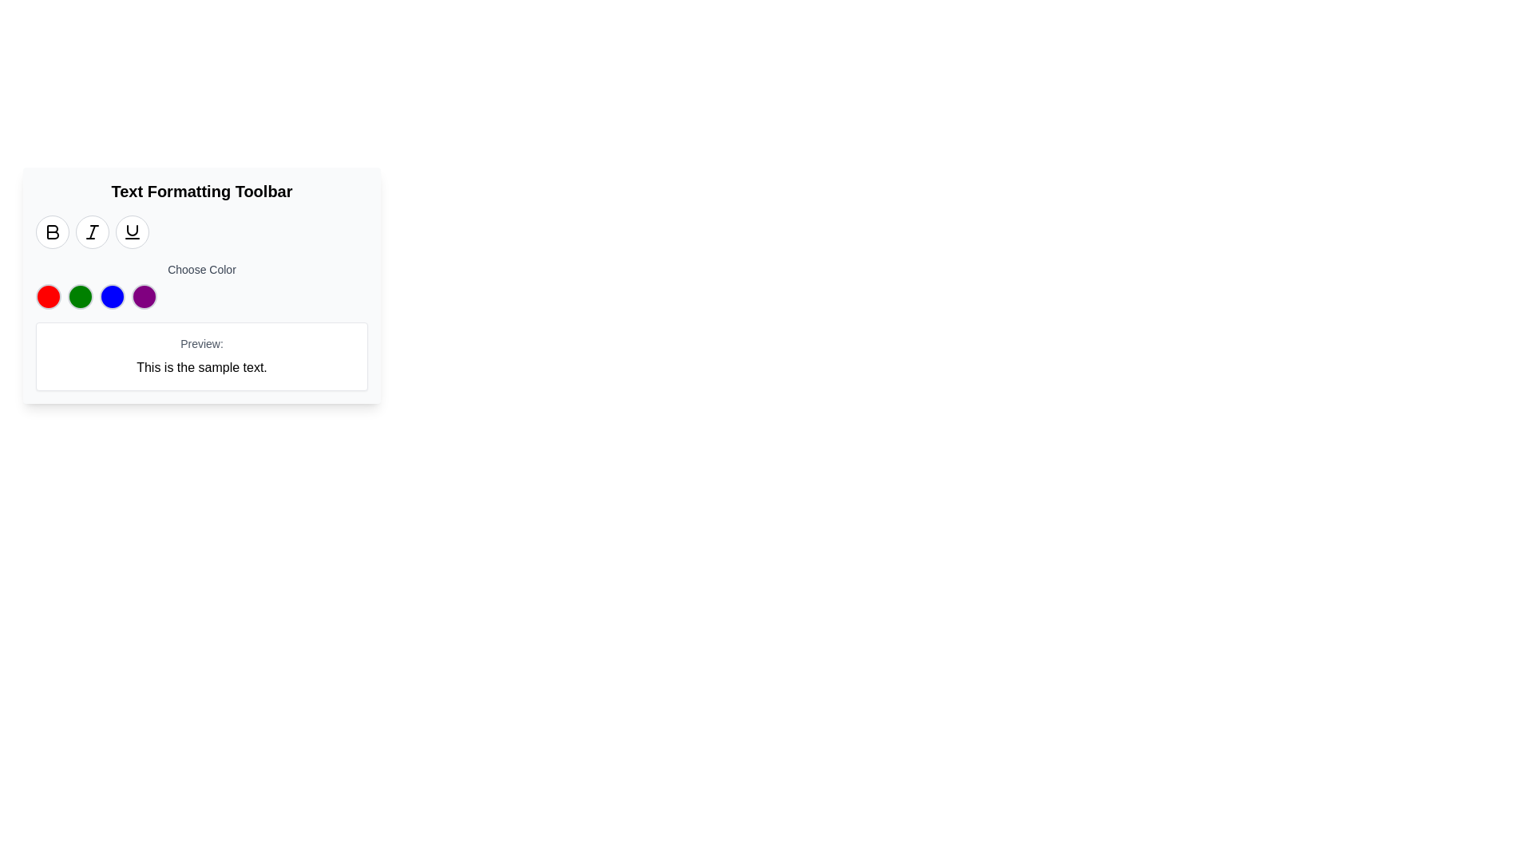 The height and width of the screenshot is (862, 1533). What do you see at coordinates (201, 269) in the screenshot?
I see `the 'Choose Color' text label, which is a medium-sized gray textual label located in the upper-center of the Text Formatting Toolbar section` at bounding box center [201, 269].